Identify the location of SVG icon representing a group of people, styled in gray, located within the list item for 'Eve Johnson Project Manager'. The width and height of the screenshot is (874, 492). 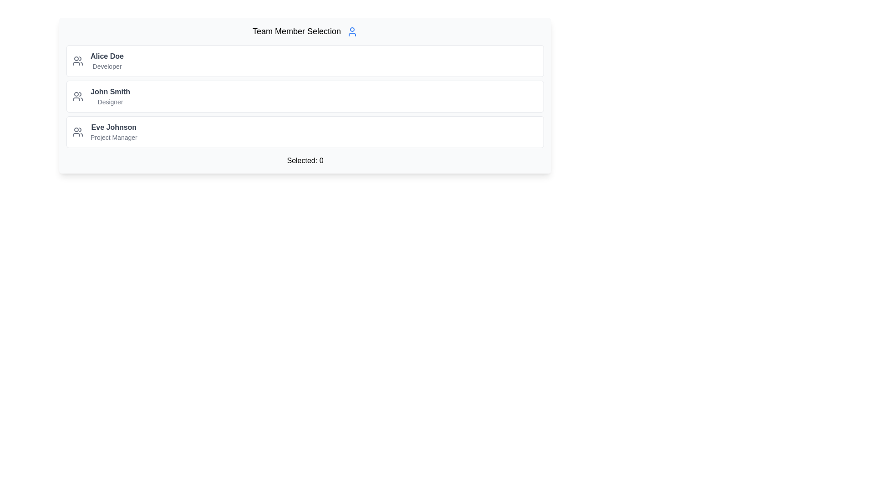
(78, 132).